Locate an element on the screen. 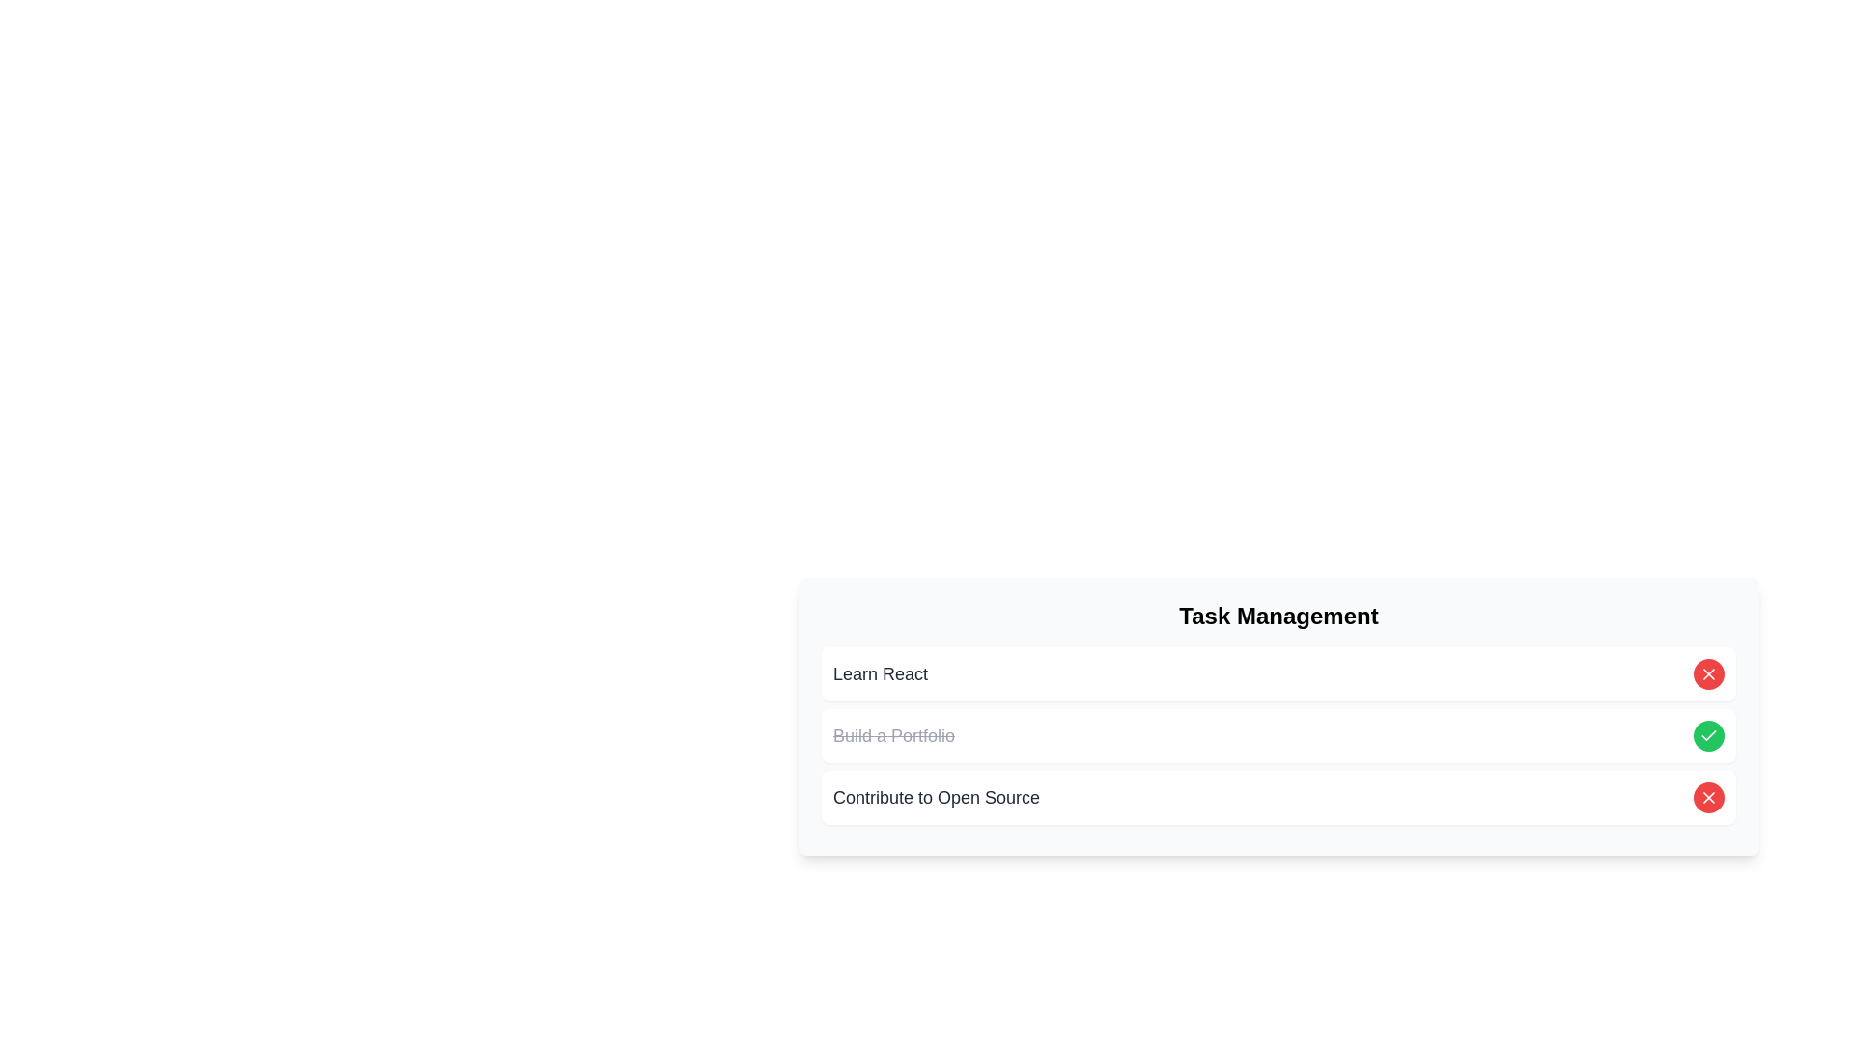 The width and height of the screenshot is (1854, 1042). the checkmark icon styled with a rounded design, which is white against a green circular background, located in the rightmost position of the second row in the task management section for the 'Build a Portfolio' task is located at coordinates (1709, 736).